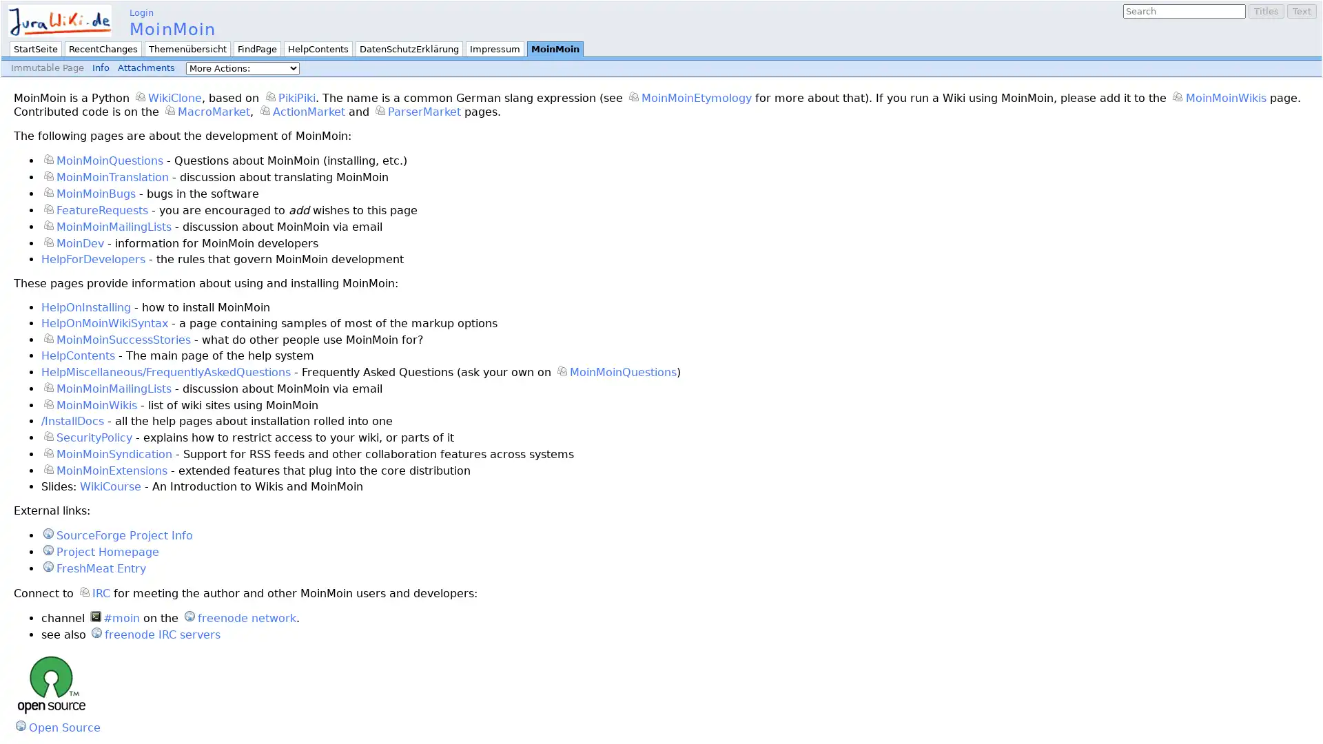  What do you see at coordinates (1301, 11) in the screenshot?
I see `Text` at bounding box center [1301, 11].